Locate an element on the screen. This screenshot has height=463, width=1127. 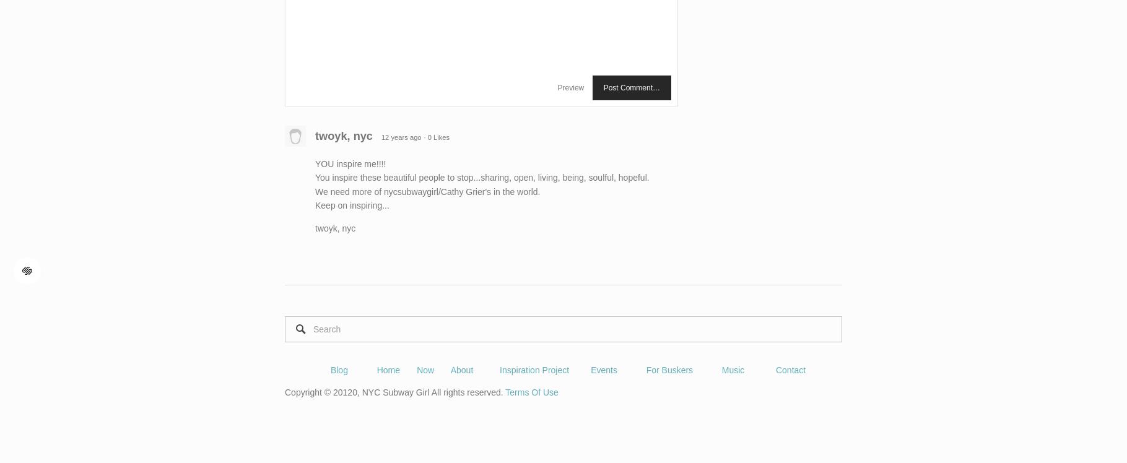
'Copyright © 20120, NYC Subway Girl All rights reserved.' is located at coordinates (394, 392).